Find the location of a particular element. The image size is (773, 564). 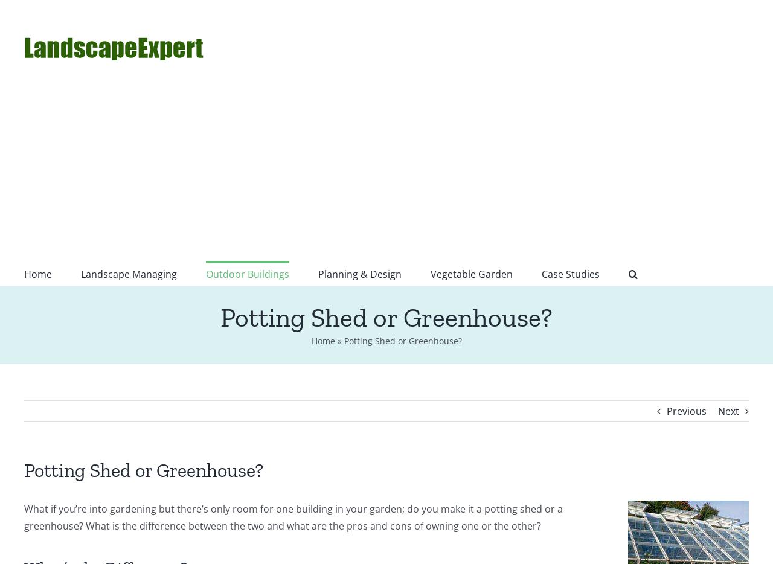

'Previous' is located at coordinates (666, 410).